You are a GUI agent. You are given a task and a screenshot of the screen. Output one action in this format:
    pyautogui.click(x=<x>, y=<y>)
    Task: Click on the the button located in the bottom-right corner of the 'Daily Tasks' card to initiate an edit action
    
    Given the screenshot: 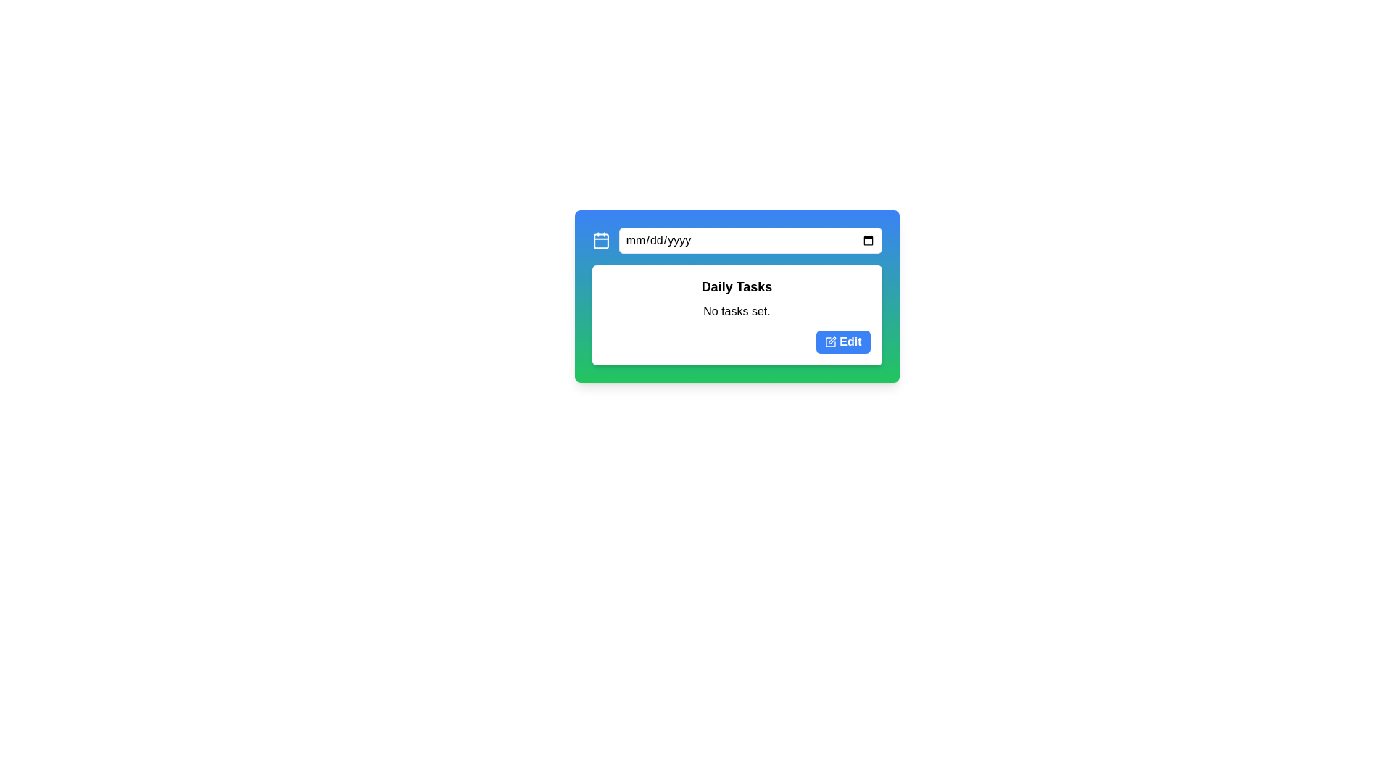 What is the action you would take?
    pyautogui.click(x=843, y=341)
    